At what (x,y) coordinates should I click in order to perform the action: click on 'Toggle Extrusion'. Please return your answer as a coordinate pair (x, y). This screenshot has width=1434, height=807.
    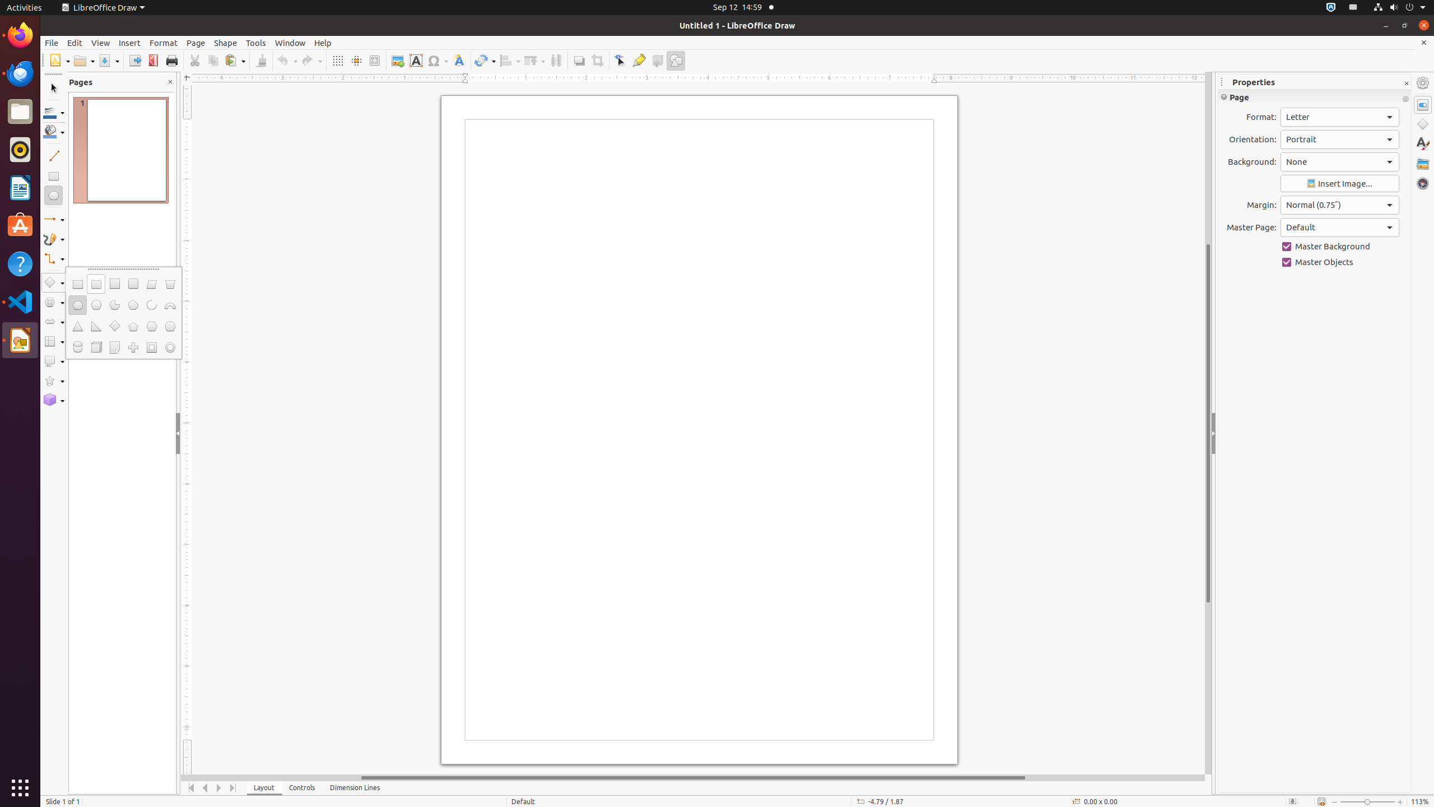
    Looking at the image, I should click on (657, 60).